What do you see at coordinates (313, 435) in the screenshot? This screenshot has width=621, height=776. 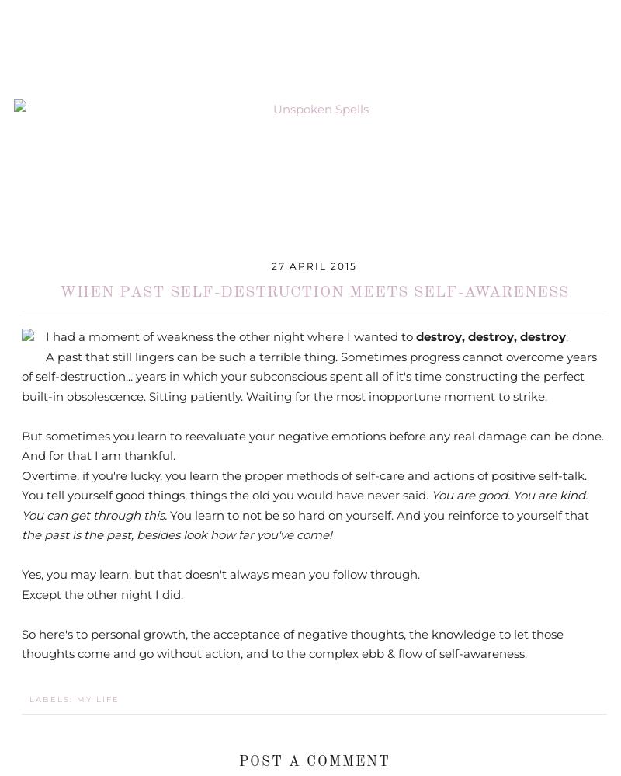 I see `'But sometimes you learn to reevaluate your negative emotions before any real damage can be done.'` at bounding box center [313, 435].